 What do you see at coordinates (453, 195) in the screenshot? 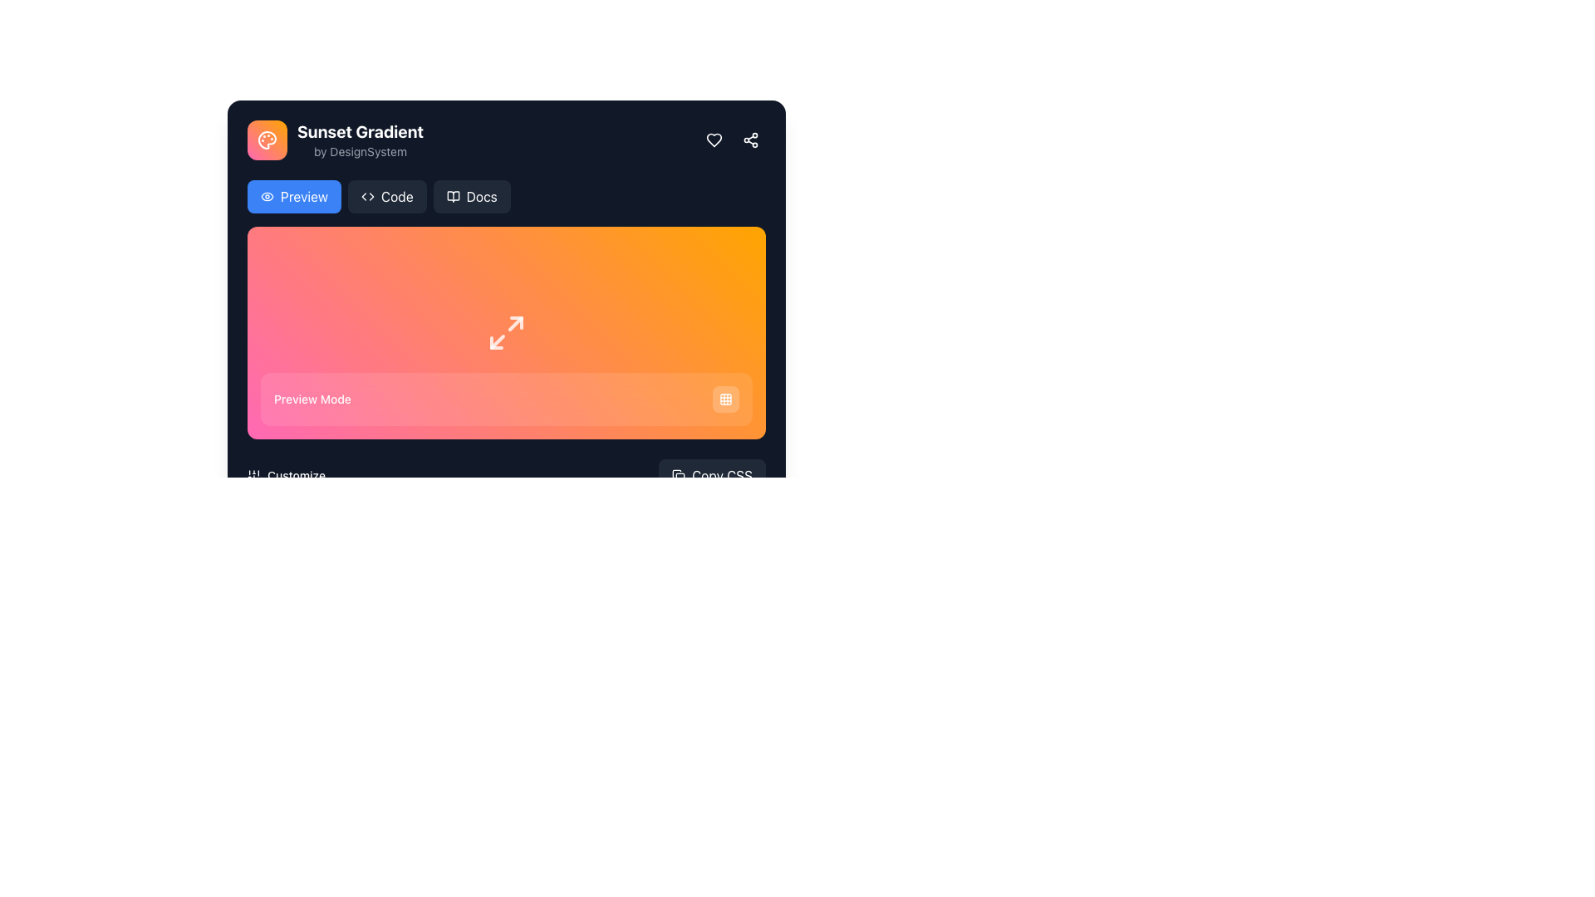
I see `the documentation icon located within the 'Docs' button, which is positioned to the left of the 'Docs' text label` at bounding box center [453, 195].